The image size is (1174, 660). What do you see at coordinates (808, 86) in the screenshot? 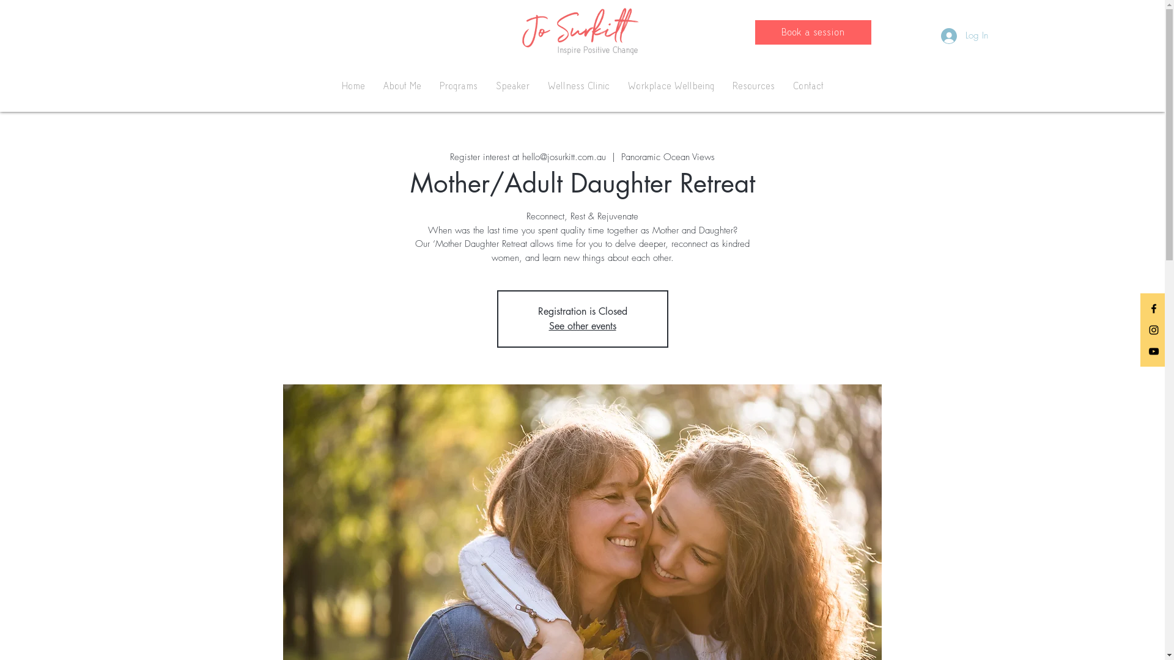
I see `'Contact'` at bounding box center [808, 86].